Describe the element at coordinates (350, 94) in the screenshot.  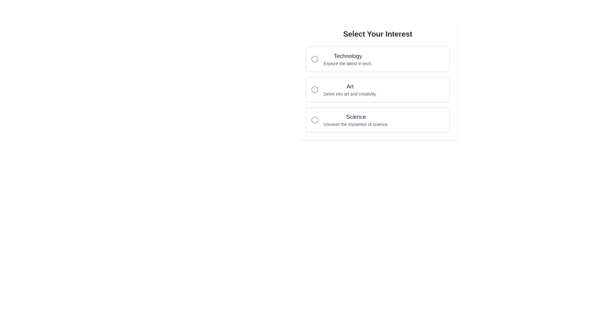
I see `the text label that reads 'Delve into art and creativity.', which is styled with a smaller, gray font and positioned below the bold title 'Art' within a vertical option list` at that location.